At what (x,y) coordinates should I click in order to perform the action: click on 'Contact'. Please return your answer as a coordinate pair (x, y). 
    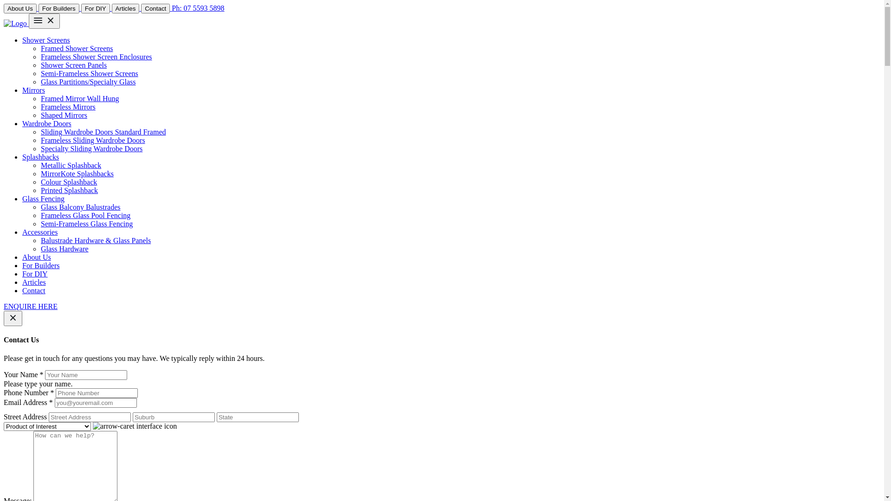
    Looking at the image, I should click on (140, 8).